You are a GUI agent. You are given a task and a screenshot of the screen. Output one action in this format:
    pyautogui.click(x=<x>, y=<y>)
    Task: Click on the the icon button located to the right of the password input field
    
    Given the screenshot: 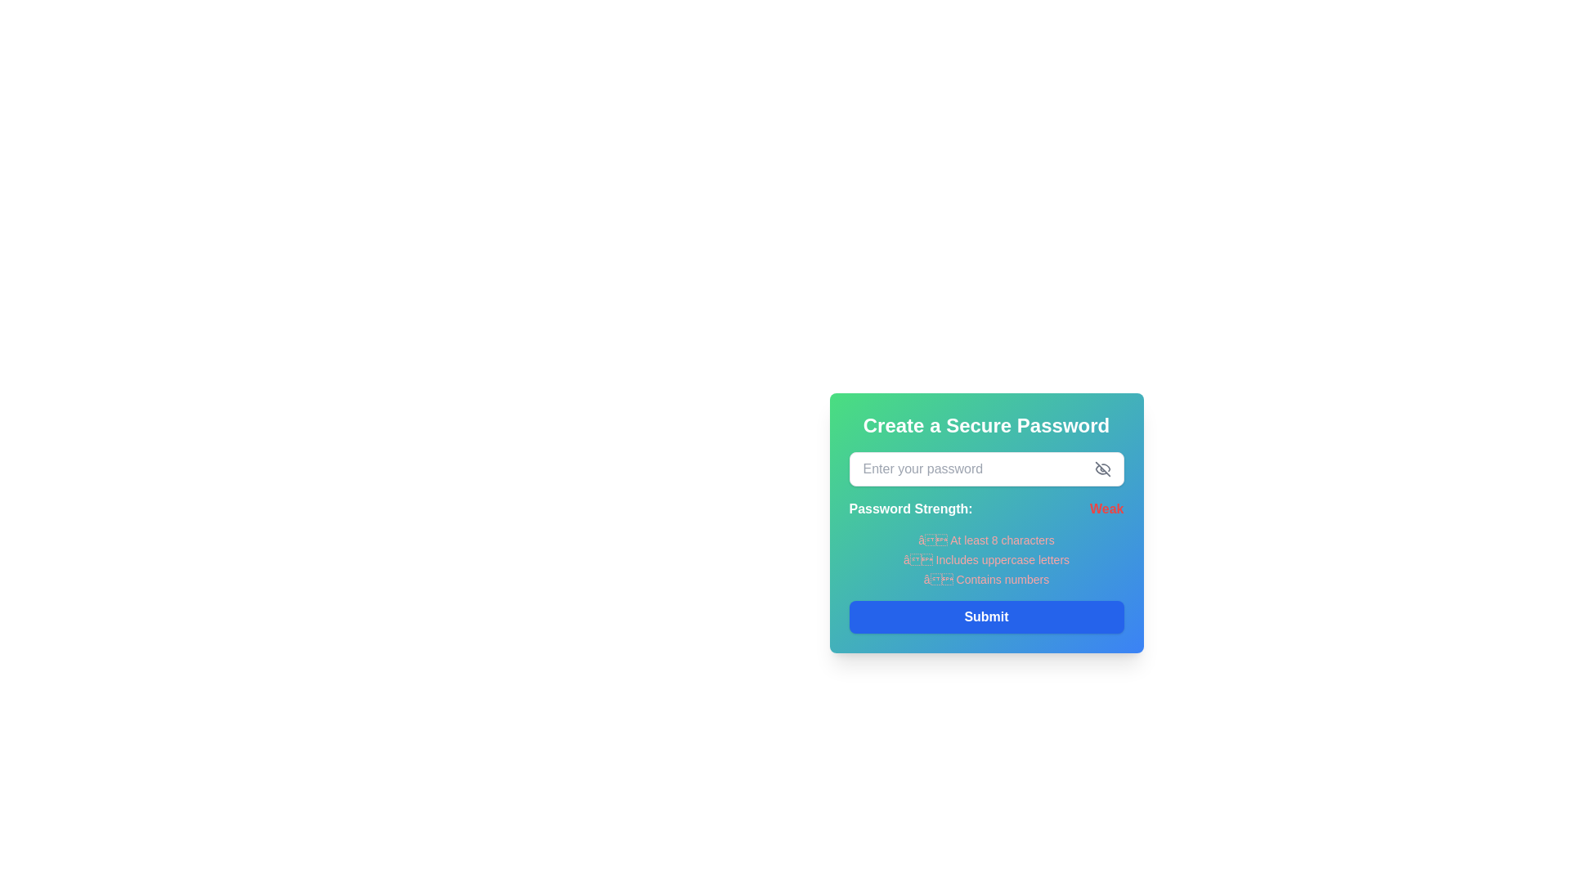 What is the action you would take?
    pyautogui.click(x=1102, y=469)
    